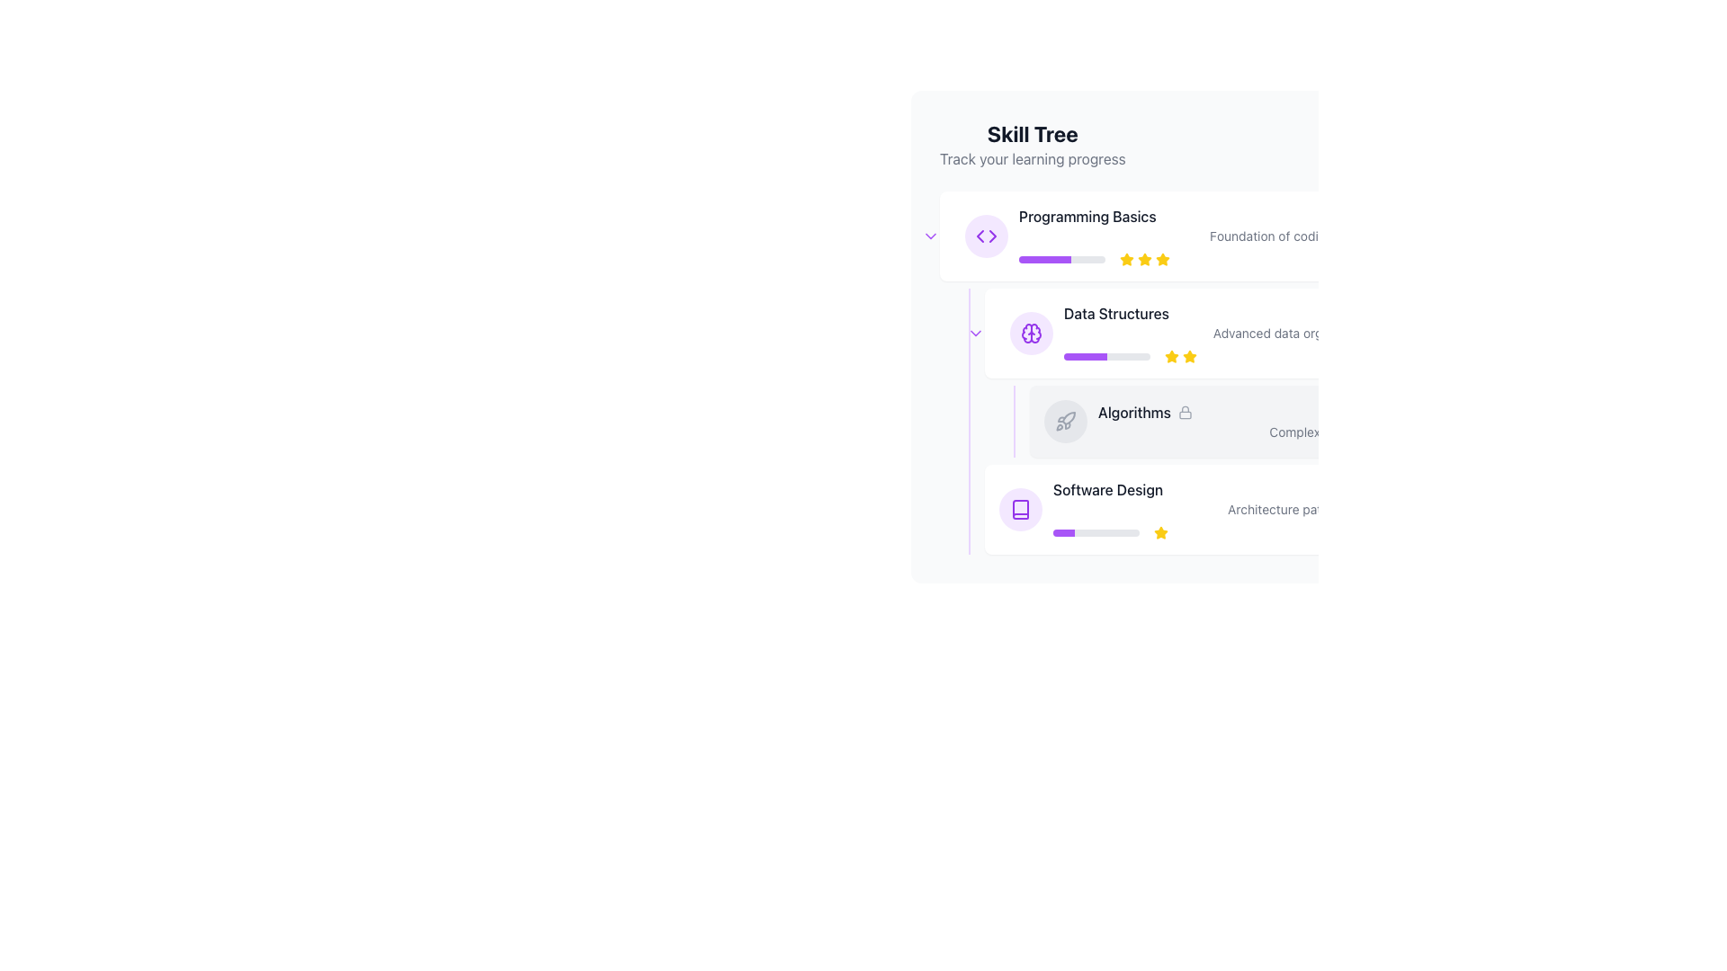 Image resolution: width=1727 pixels, height=971 pixels. Describe the element at coordinates (1125, 259) in the screenshot. I see `the first yellow rating star icon for the 'Programming Basics' section` at that location.